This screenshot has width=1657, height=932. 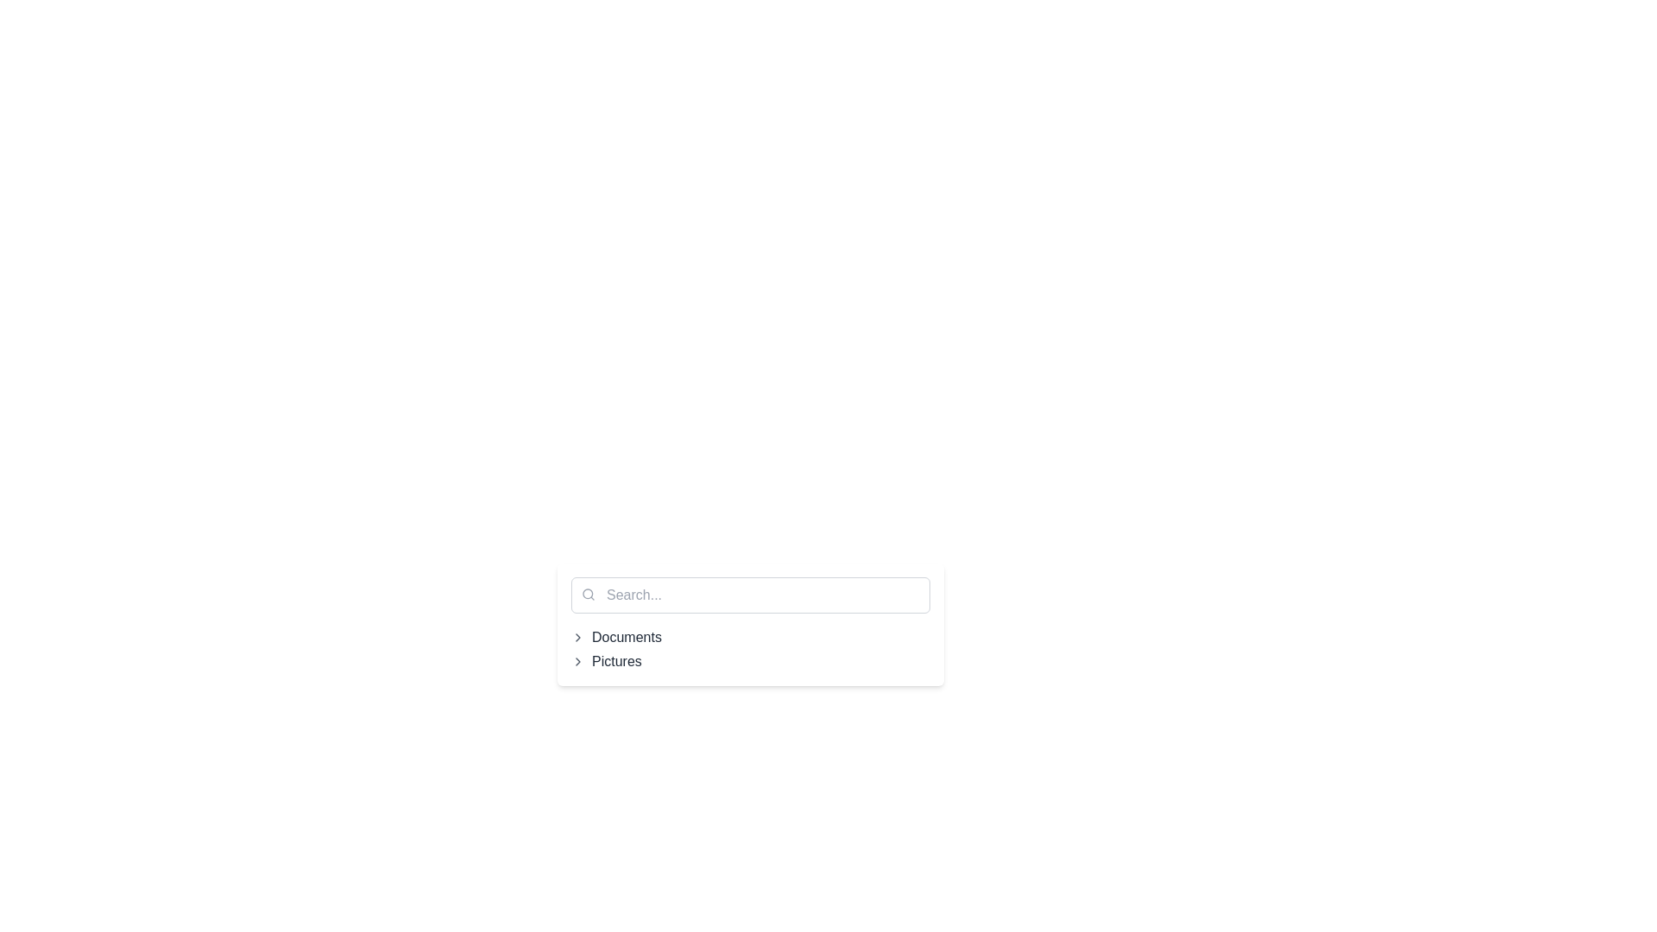 What do you see at coordinates (616, 661) in the screenshot?
I see `the clickable label titled 'Pictures' within the navigation tree structure` at bounding box center [616, 661].